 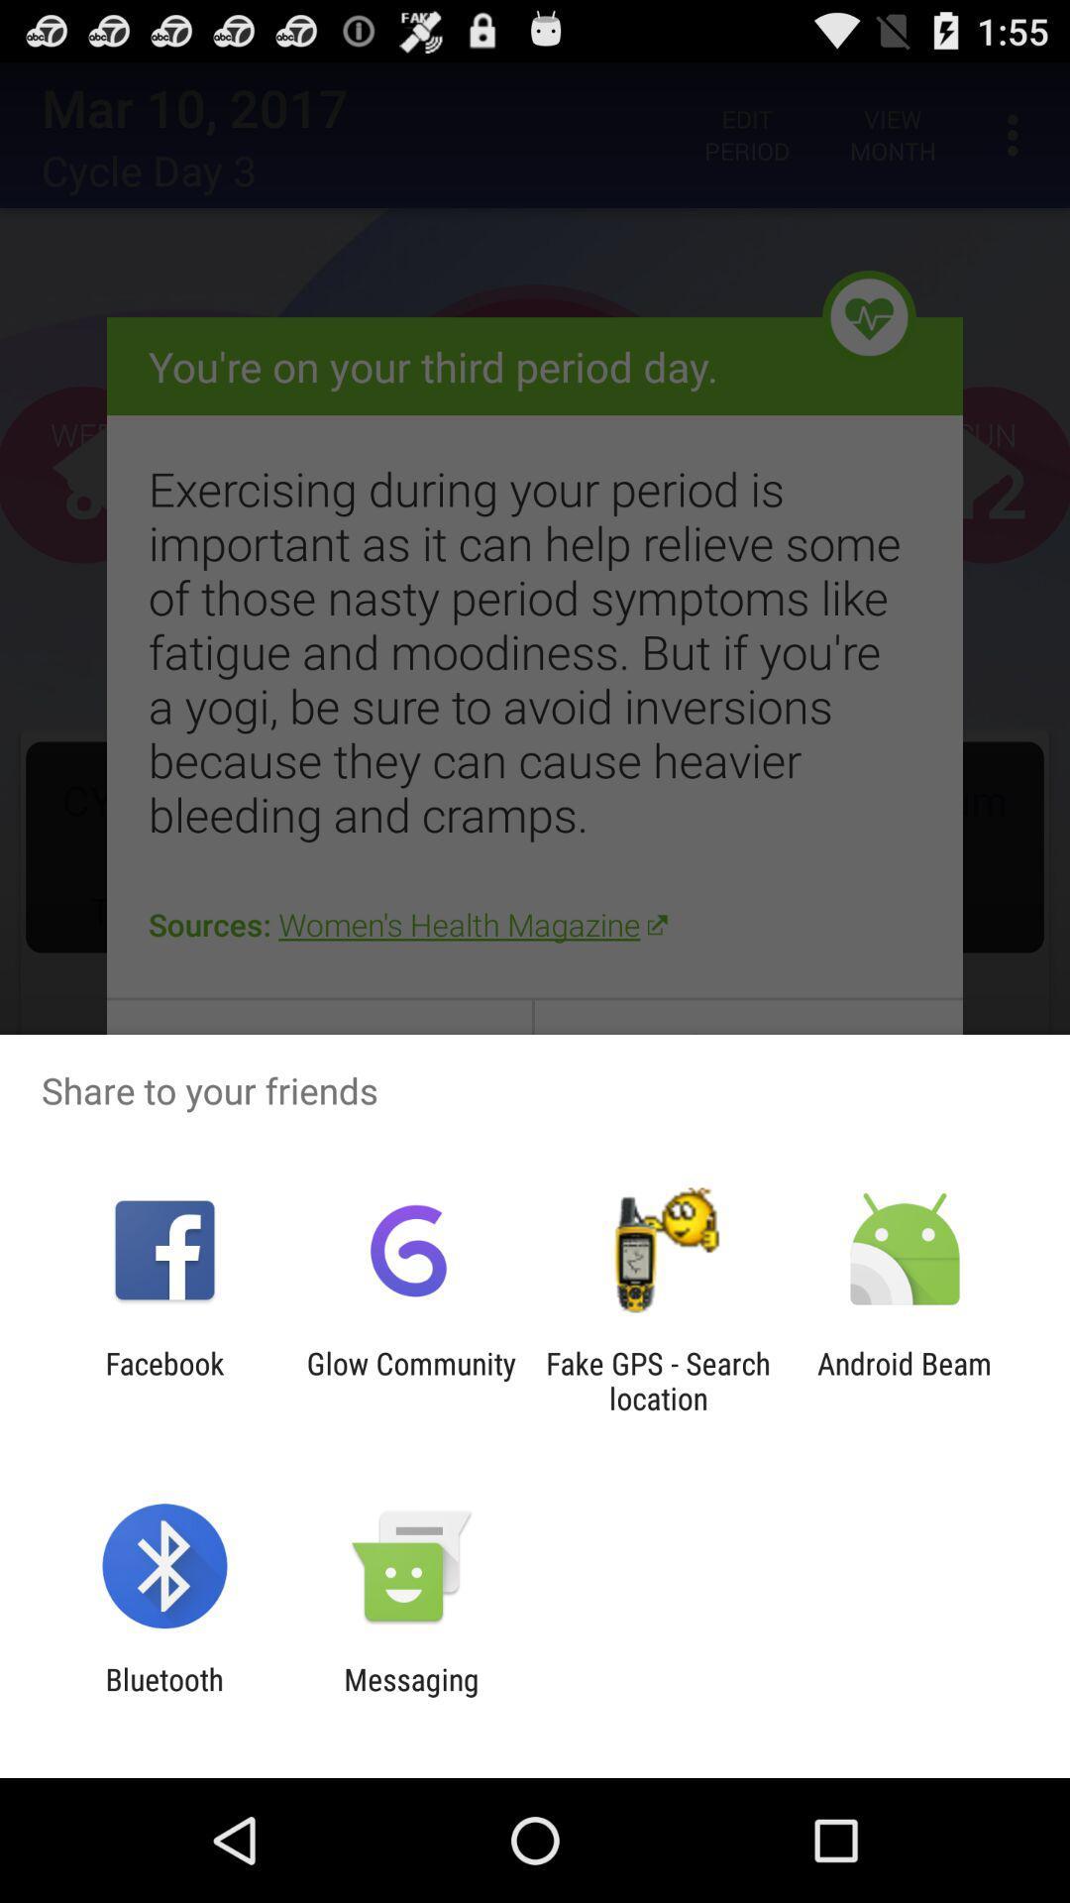 I want to click on item to the right of bluetooth item, so click(x=410, y=1696).